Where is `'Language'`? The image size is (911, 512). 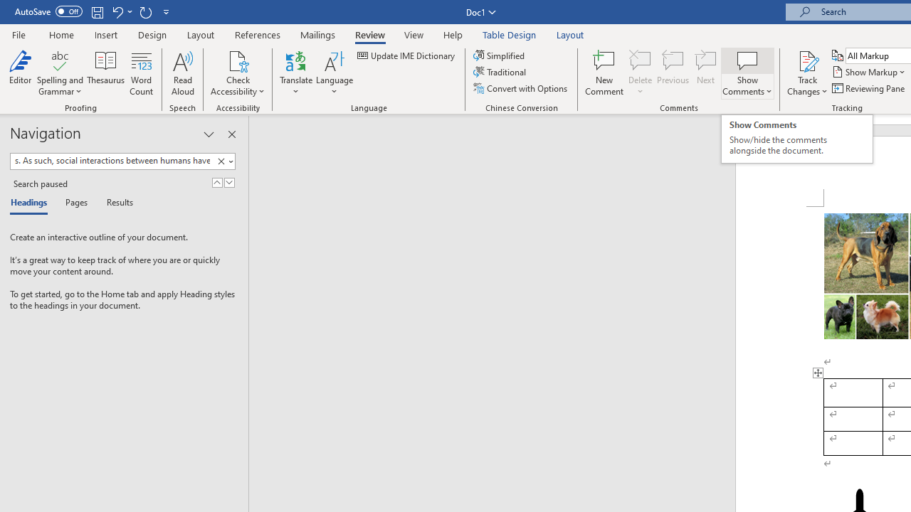 'Language' is located at coordinates (334, 73).